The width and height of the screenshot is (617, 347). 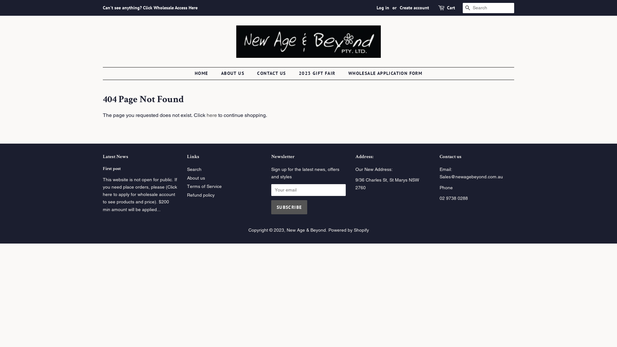 What do you see at coordinates (195, 178) in the screenshot?
I see `'About us'` at bounding box center [195, 178].